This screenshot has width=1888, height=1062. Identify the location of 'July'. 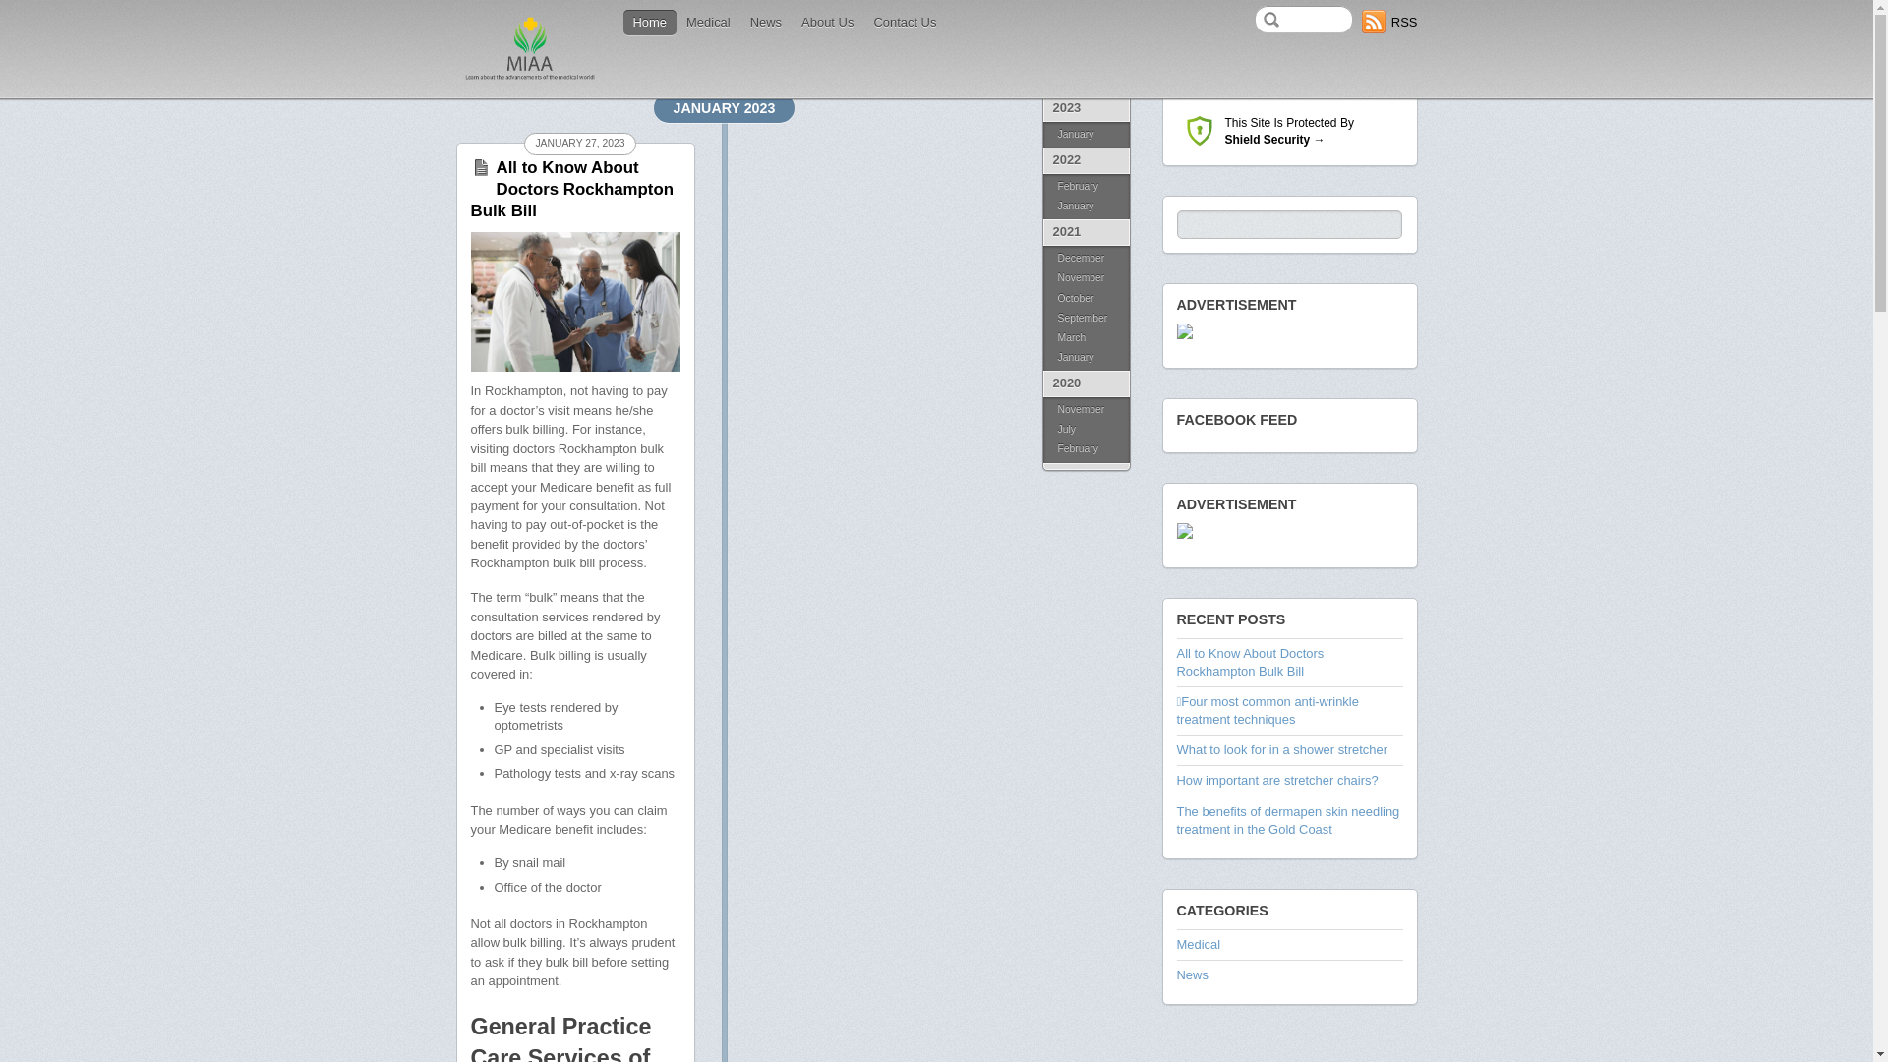
(1085, 428).